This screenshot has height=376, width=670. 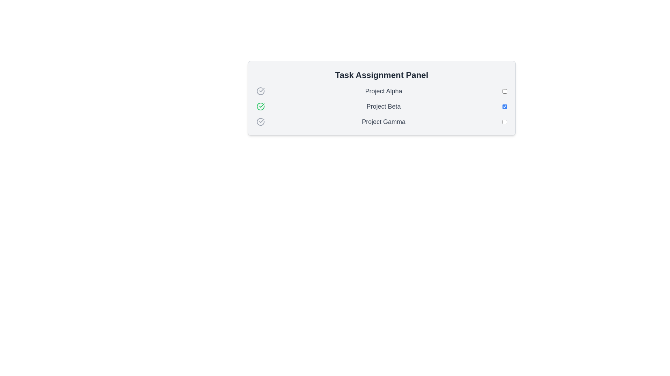 What do you see at coordinates (260, 91) in the screenshot?
I see `the first icon representing the status indicator for 'Project Alpha', which is positioned to the far-left of the text` at bounding box center [260, 91].